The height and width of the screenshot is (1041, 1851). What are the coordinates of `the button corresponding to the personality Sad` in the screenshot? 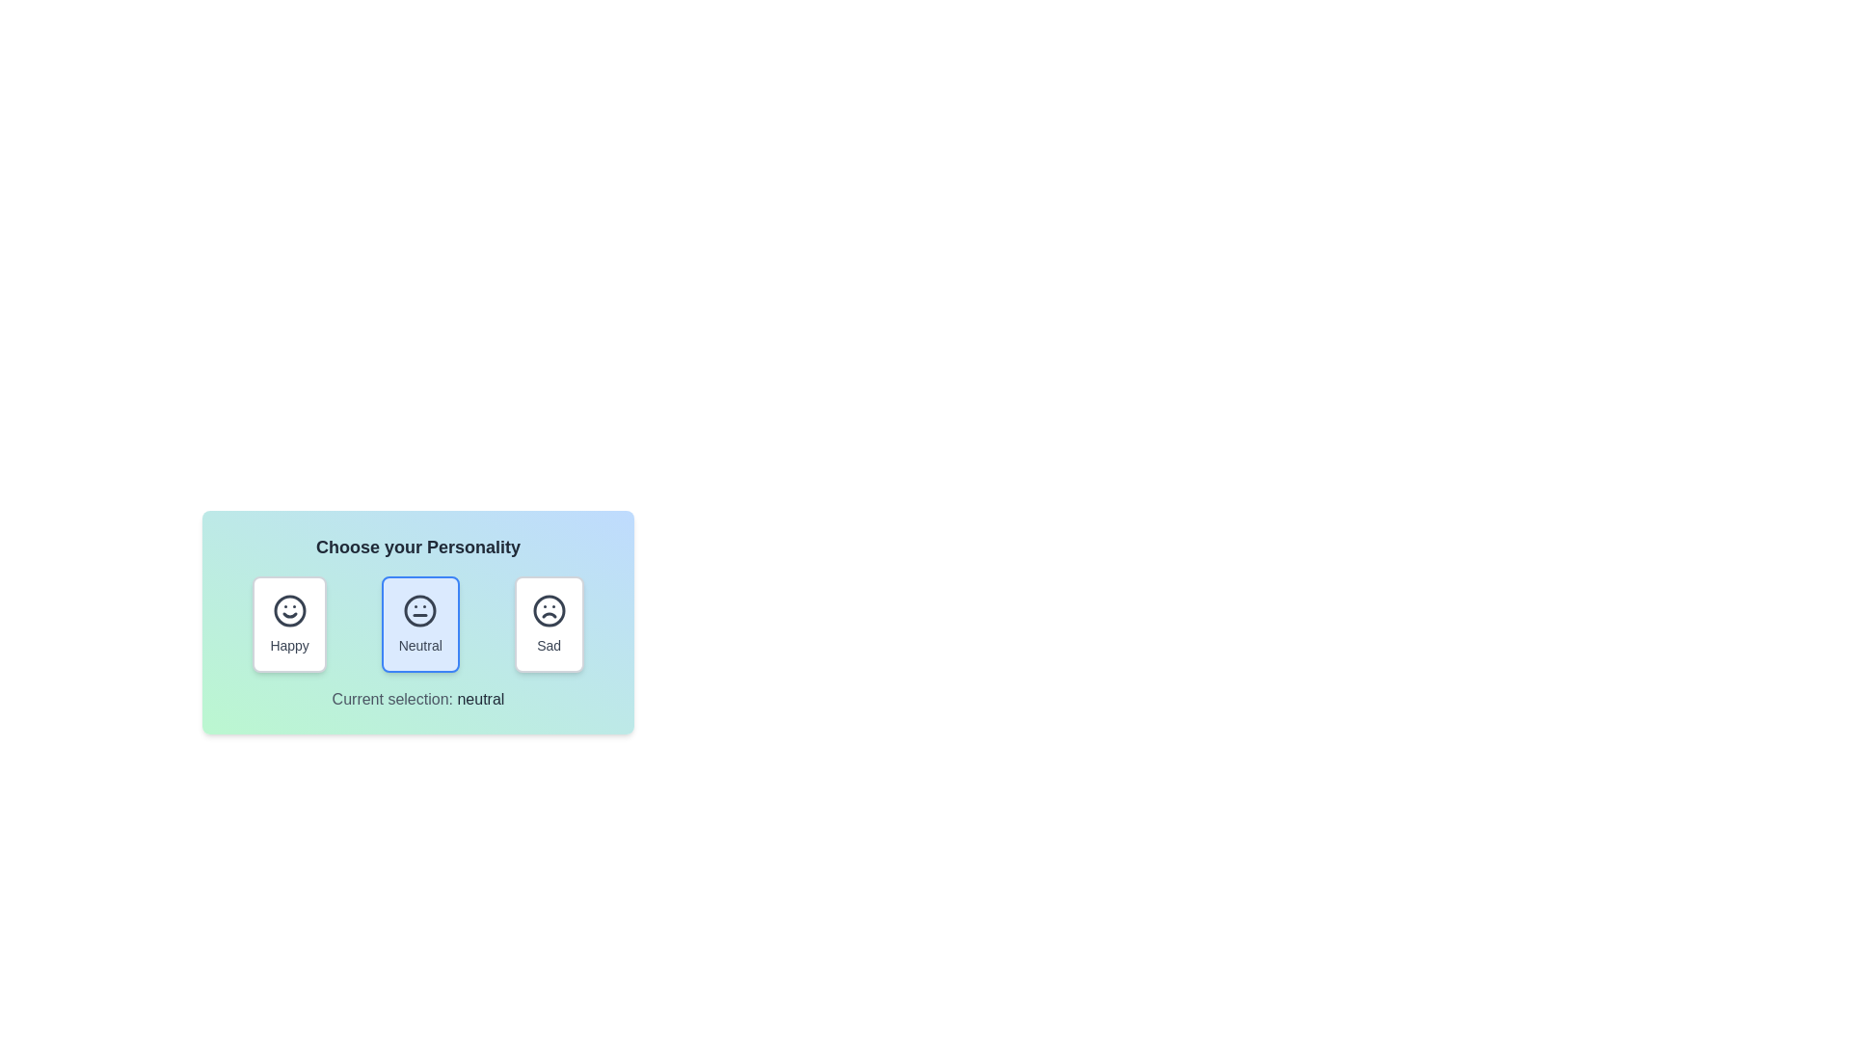 It's located at (548, 625).